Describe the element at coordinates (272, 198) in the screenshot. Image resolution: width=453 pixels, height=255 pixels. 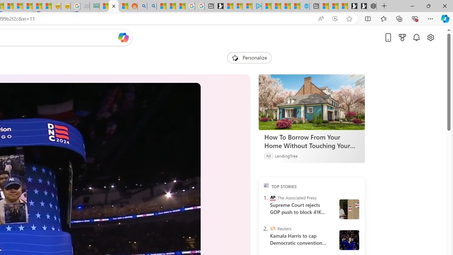
I see `'The Associated Press'` at that location.